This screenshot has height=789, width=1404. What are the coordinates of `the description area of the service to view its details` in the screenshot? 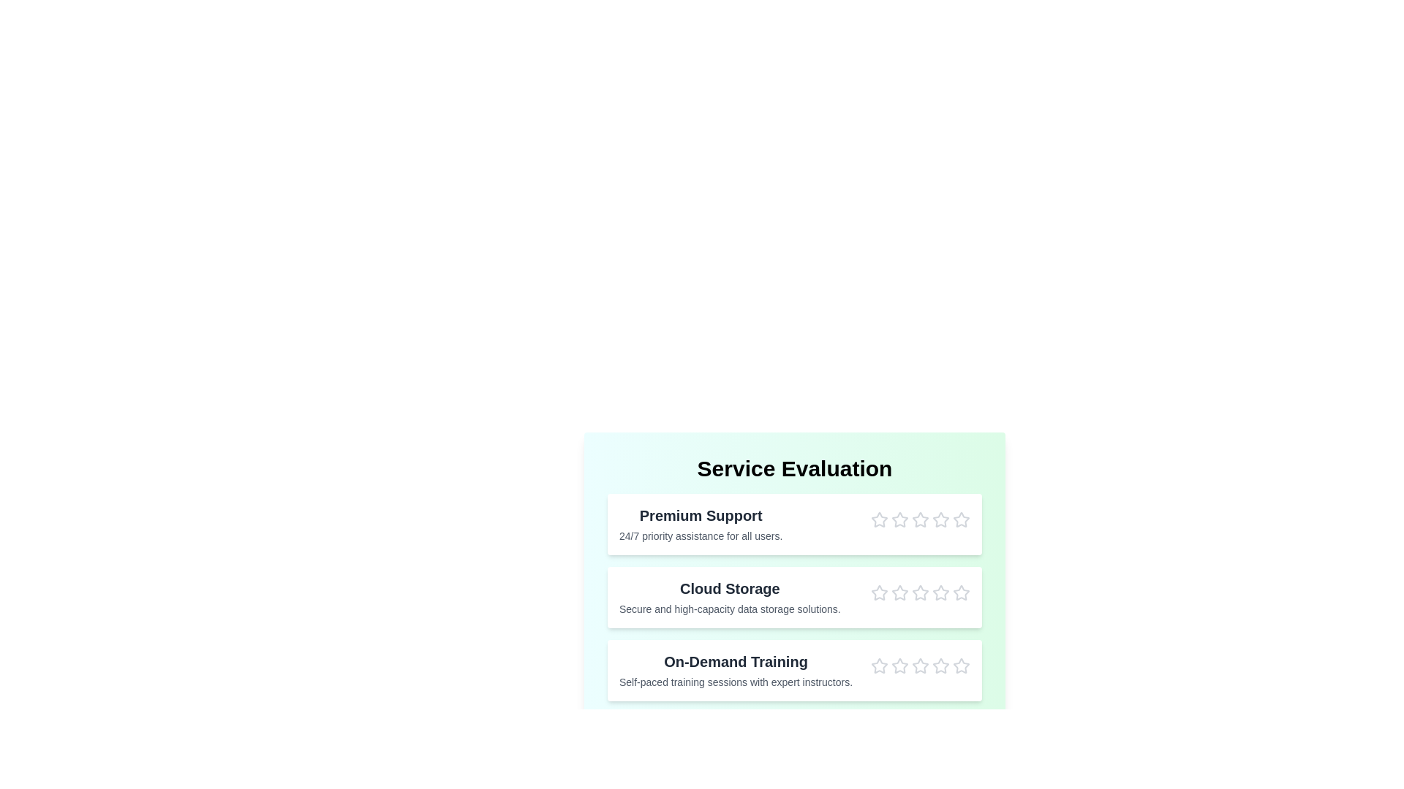 It's located at (700, 523).